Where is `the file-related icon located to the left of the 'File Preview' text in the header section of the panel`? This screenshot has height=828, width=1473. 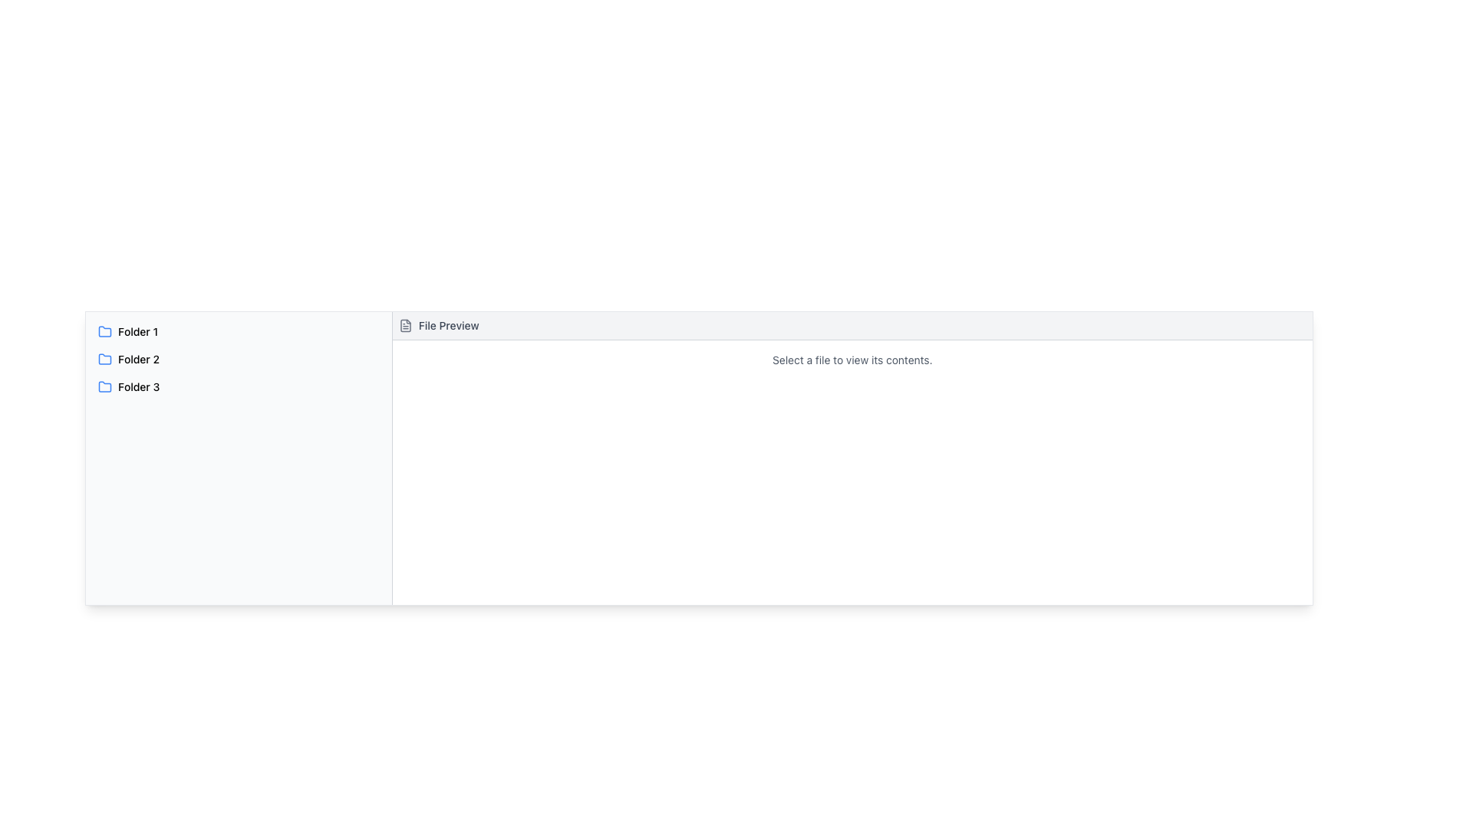 the file-related icon located to the left of the 'File Preview' text in the header section of the panel is located at coordinates (405, 324).